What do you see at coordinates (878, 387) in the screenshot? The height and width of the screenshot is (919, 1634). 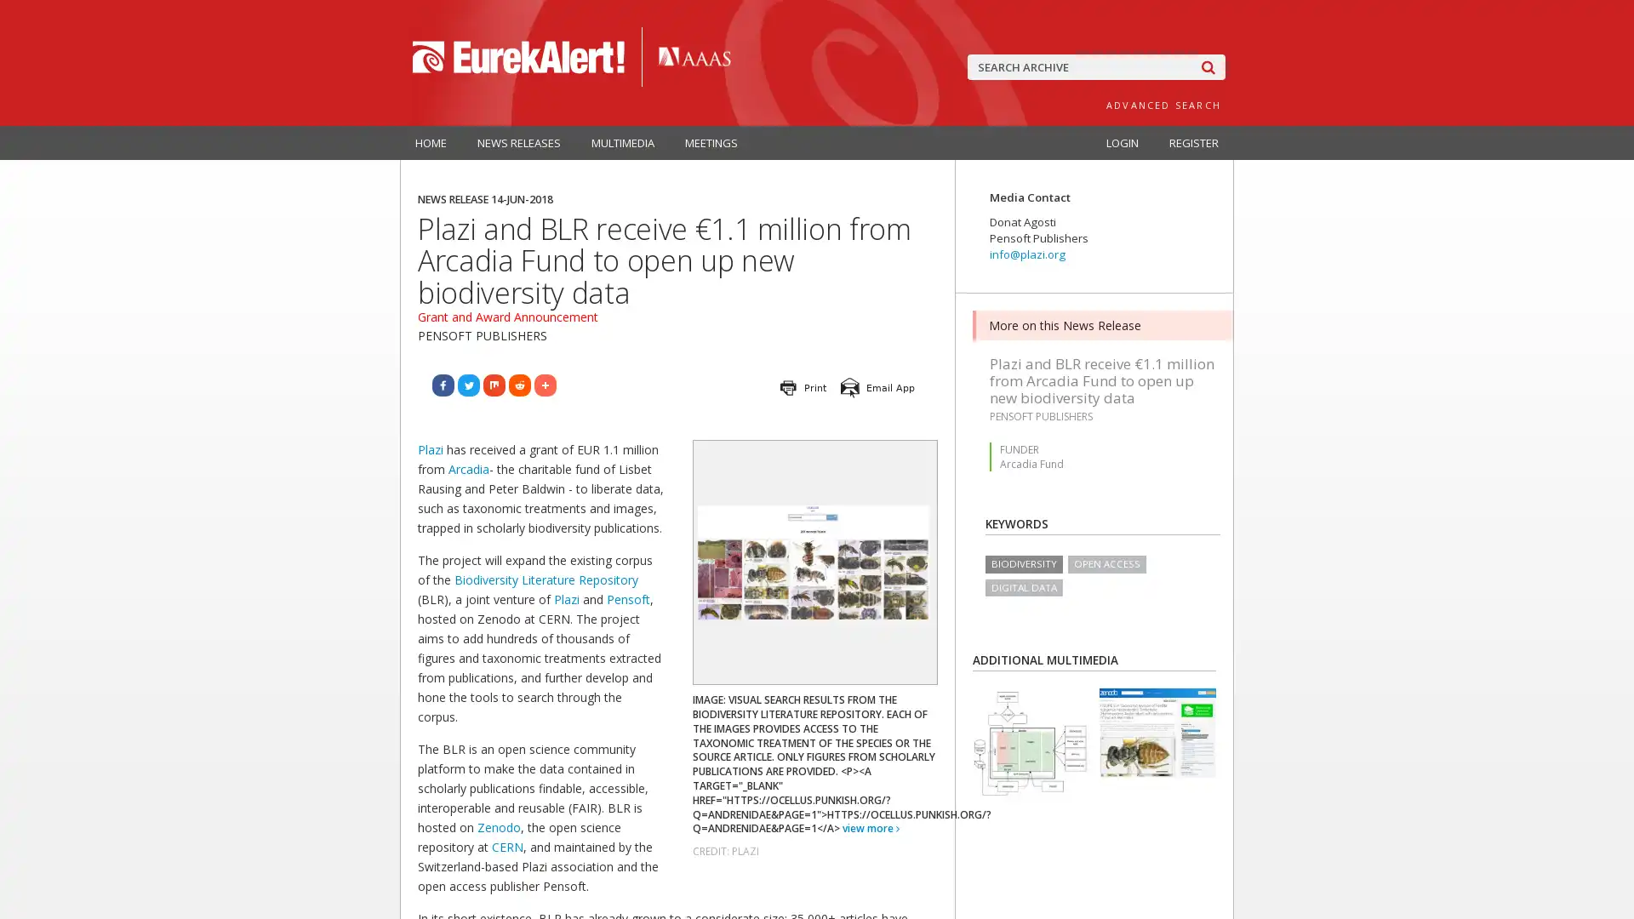 I see `Share to Email AppEmail App` at bounding box center [878, 387].